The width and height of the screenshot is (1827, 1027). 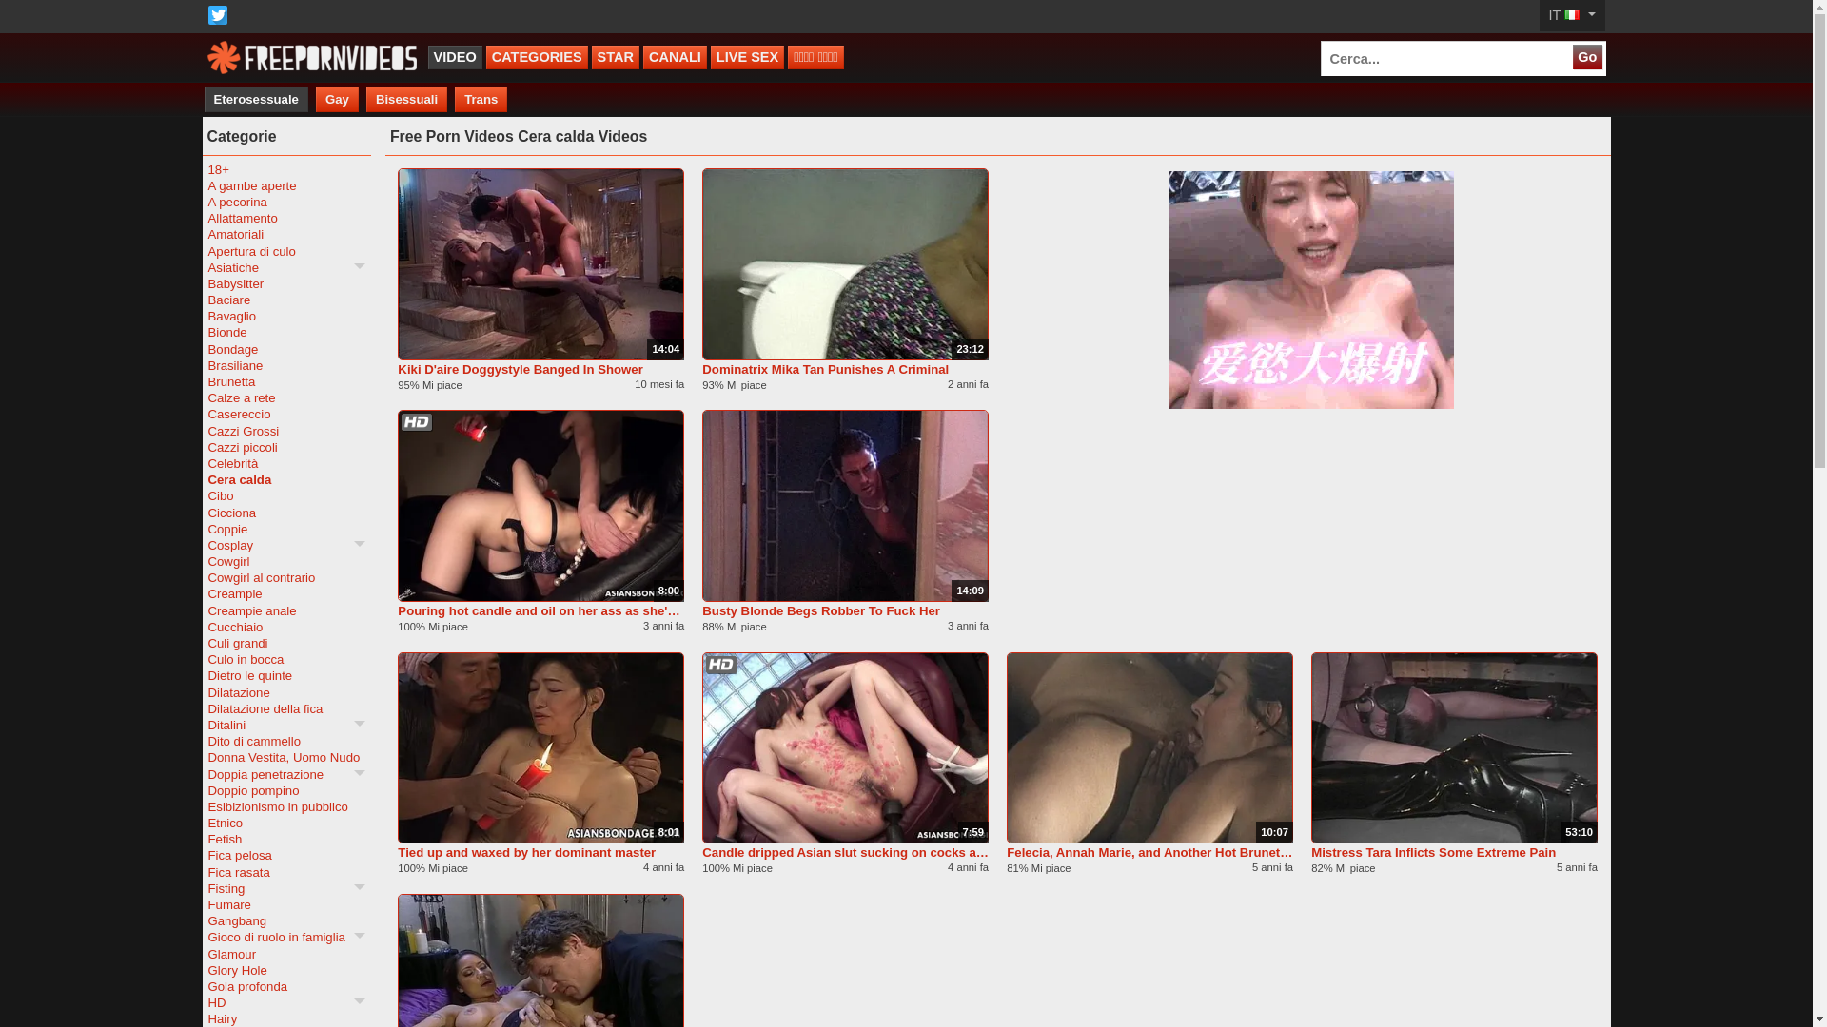 What do you see at coordinates (1149, 746) in the screenshot?
I see `'10:07'` at bounding box center [1149, 746].